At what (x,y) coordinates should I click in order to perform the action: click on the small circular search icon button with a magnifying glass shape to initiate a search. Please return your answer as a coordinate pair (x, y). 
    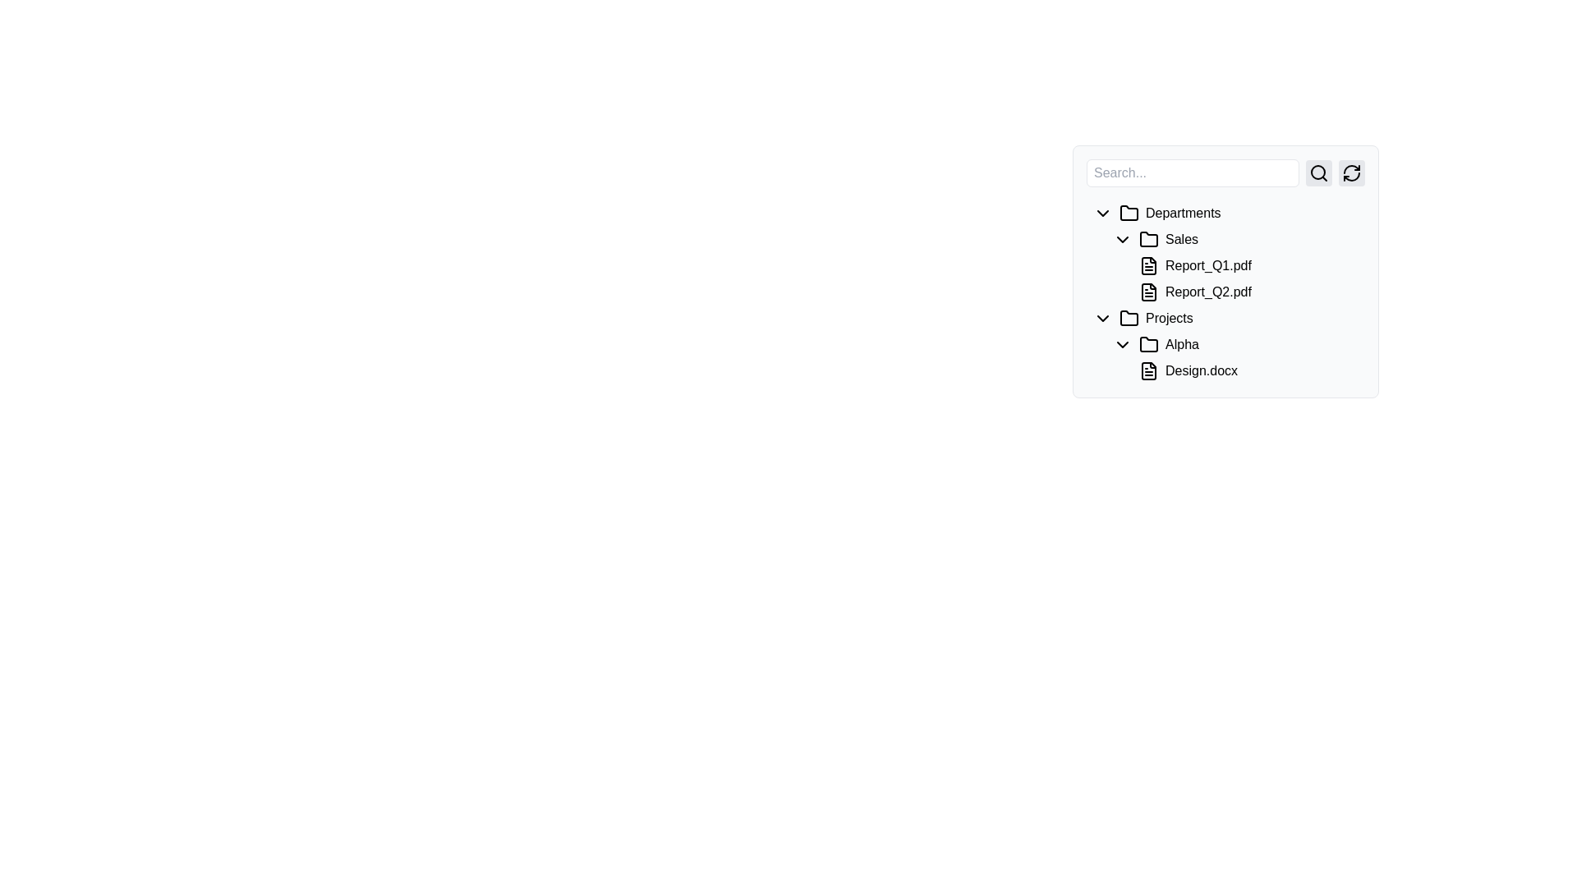
    Looking at the image, I should click on (1319, 173).